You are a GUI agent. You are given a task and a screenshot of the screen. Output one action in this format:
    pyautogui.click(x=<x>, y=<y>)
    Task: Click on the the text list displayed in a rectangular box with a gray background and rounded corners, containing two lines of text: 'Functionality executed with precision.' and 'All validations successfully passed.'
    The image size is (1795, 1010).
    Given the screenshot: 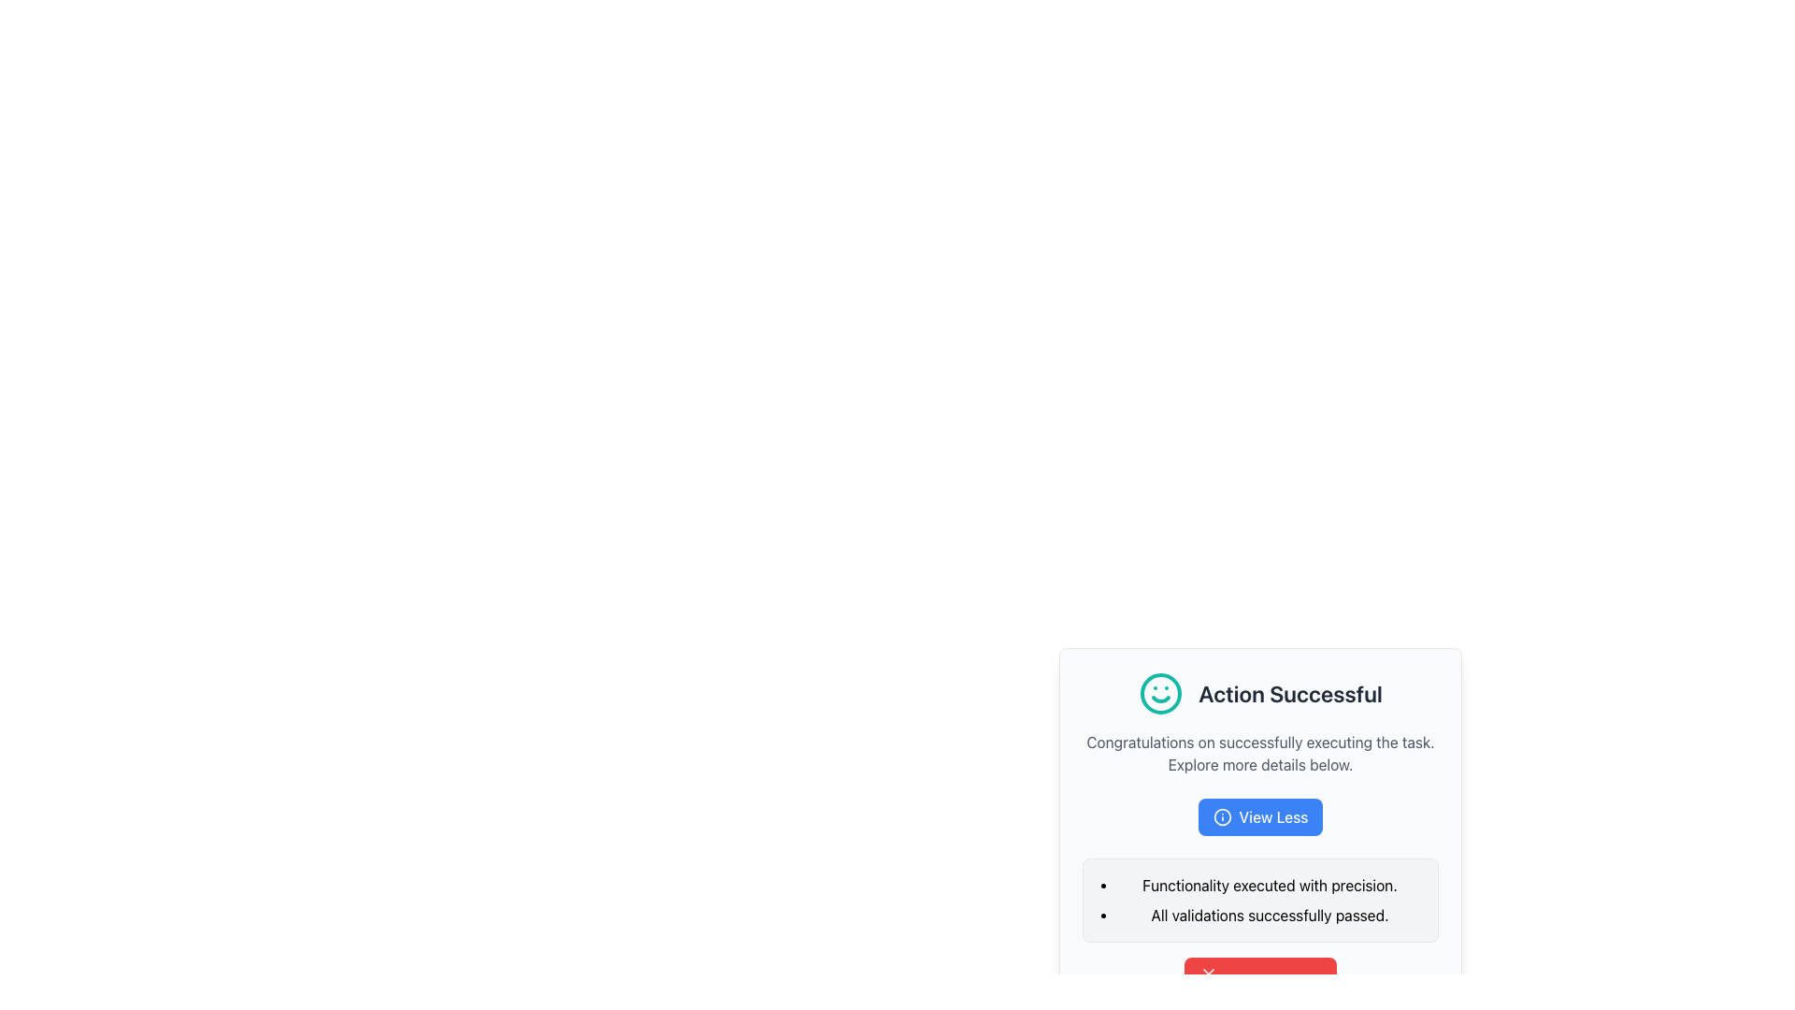 What is the action you would take?
    pyautogui.click(x=1260, y=900)
    